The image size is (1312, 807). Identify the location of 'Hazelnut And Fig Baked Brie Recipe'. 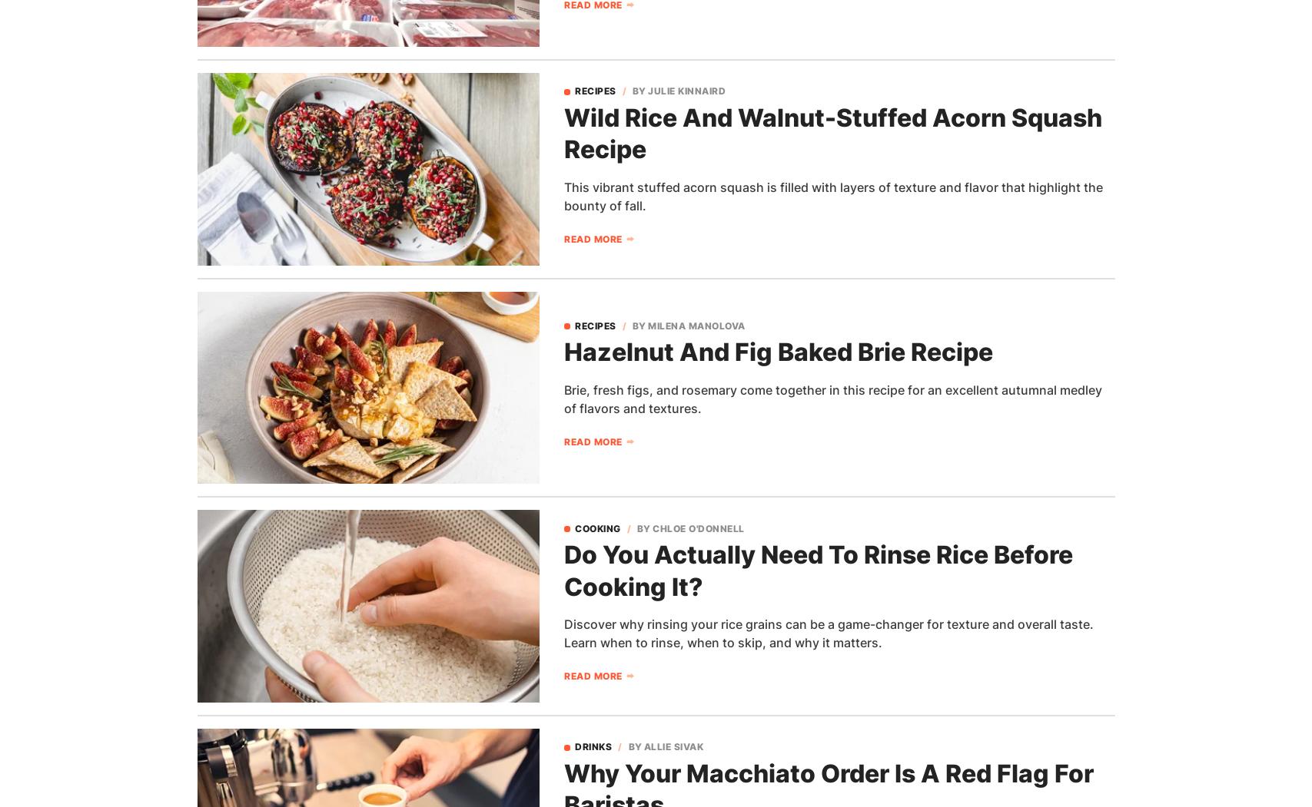
(777, 351).